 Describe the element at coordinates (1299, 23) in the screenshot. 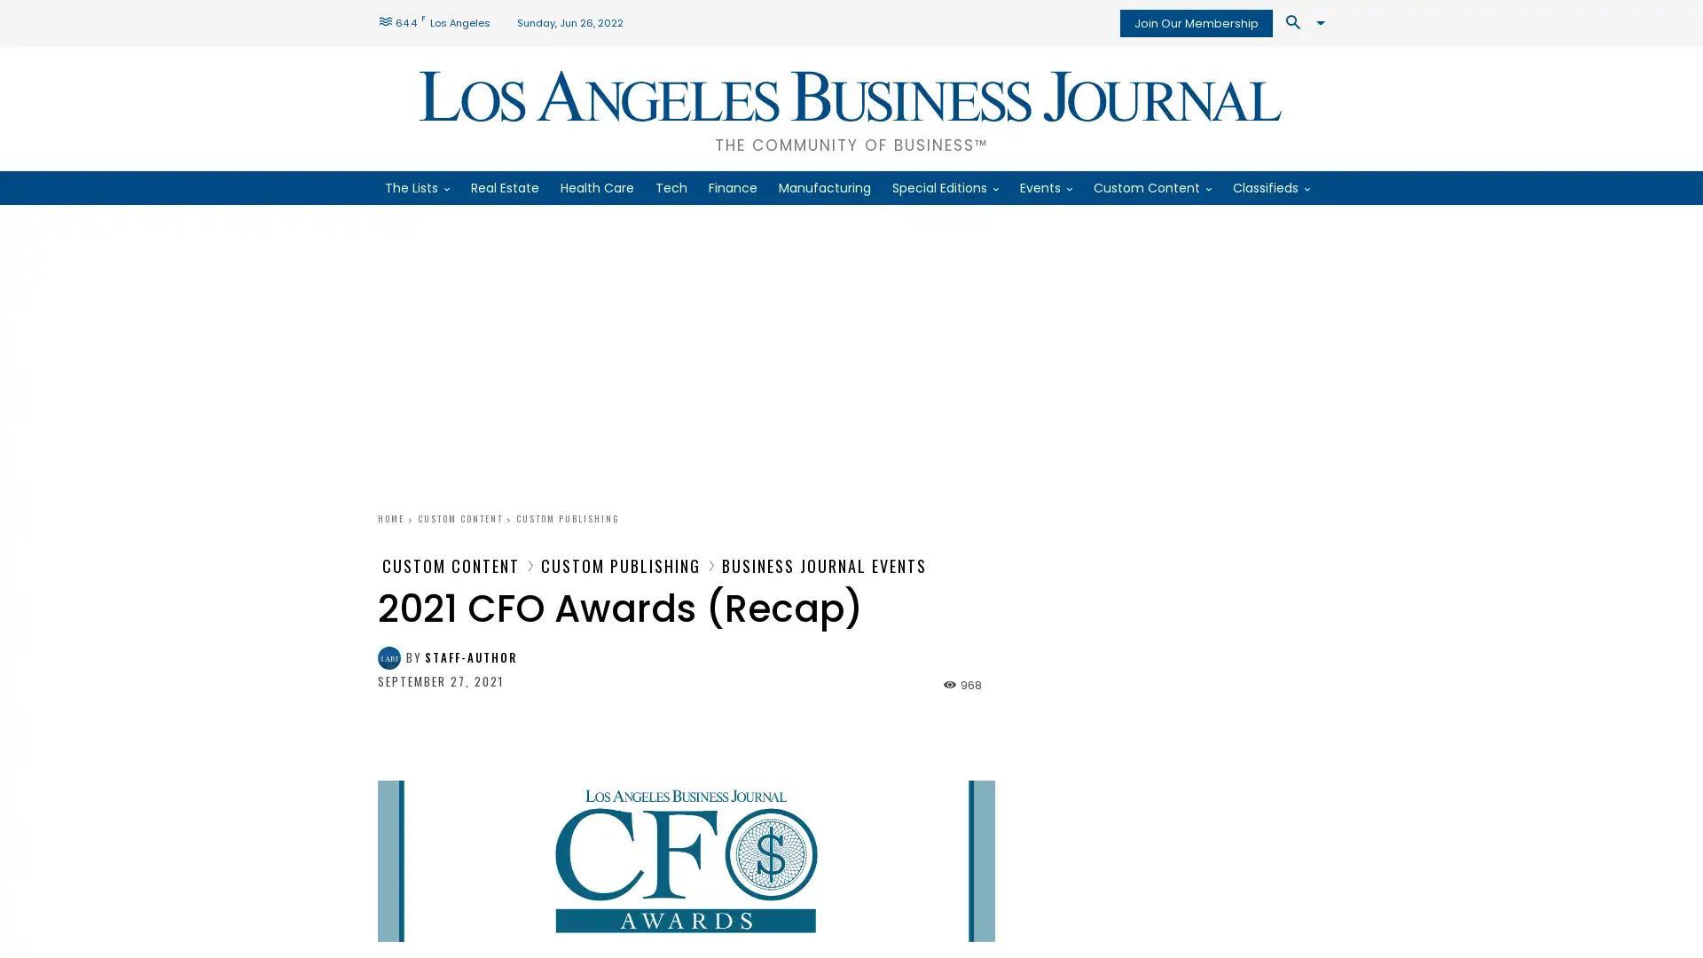

I see `Search` at that location.